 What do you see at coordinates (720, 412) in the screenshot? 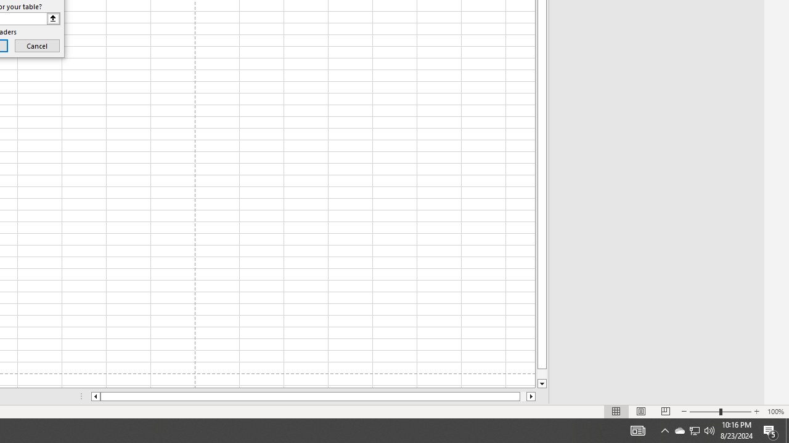
I see `'Zoom'` at bounding box center [720, 412].